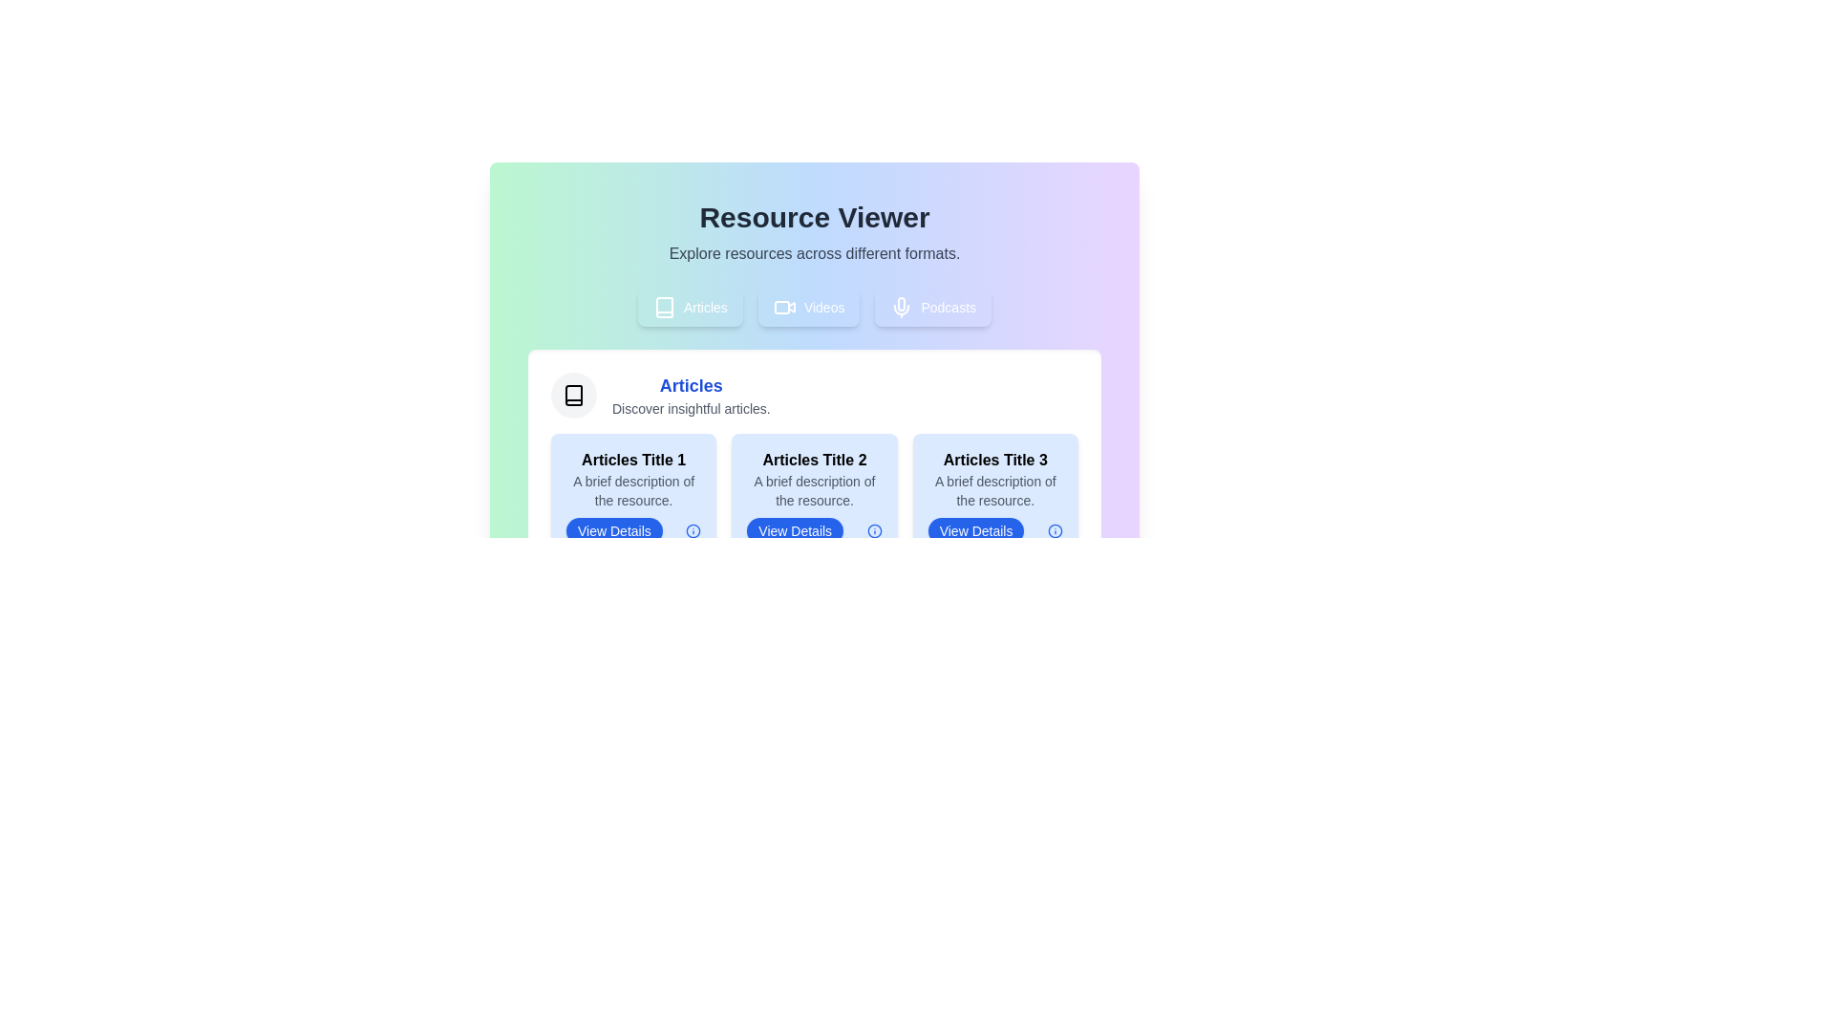  Describe the element at coordinates (1054, 530) in the screenshot. I see `the circular blue 'info' icon located in the third card of the article listing section, to the right of the 'View Details' button` at that location.